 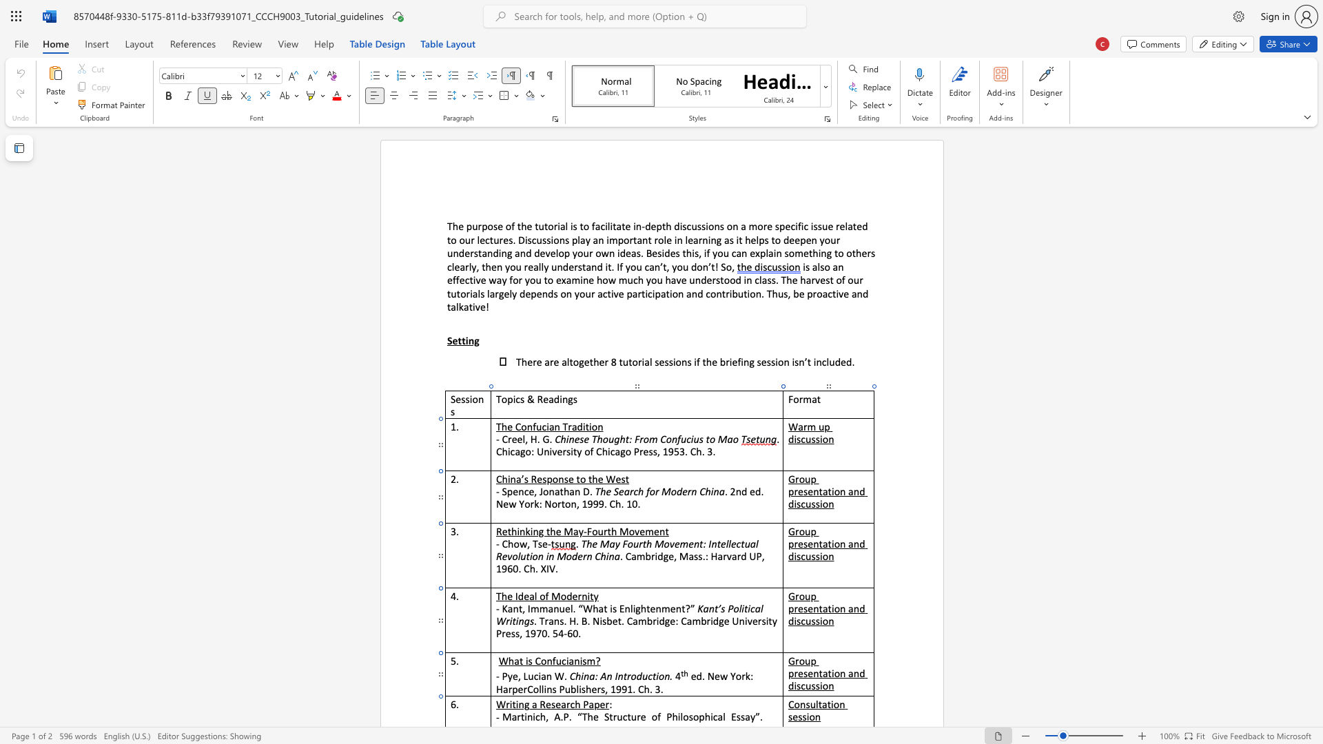 I want to click on the 1th character ":" in the text, so click(x=596, y=675).